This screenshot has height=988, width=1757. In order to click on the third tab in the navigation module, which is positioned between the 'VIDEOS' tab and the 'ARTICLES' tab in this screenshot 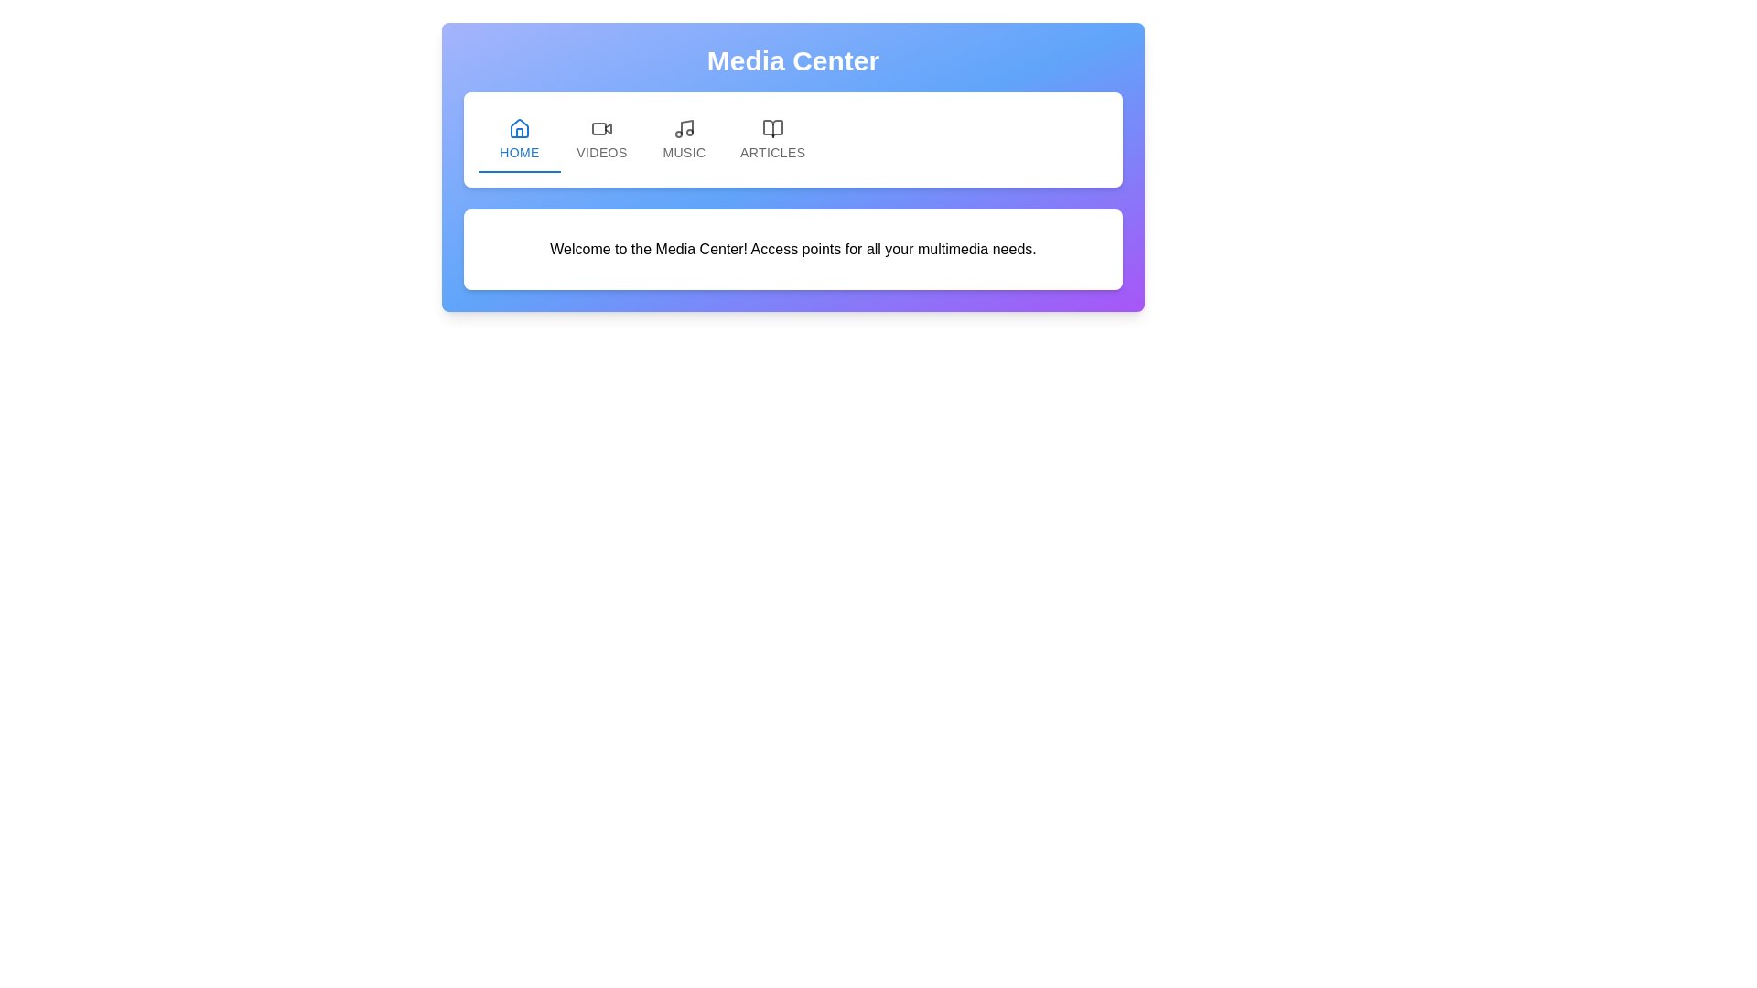, I will do `click(684, 139)`.